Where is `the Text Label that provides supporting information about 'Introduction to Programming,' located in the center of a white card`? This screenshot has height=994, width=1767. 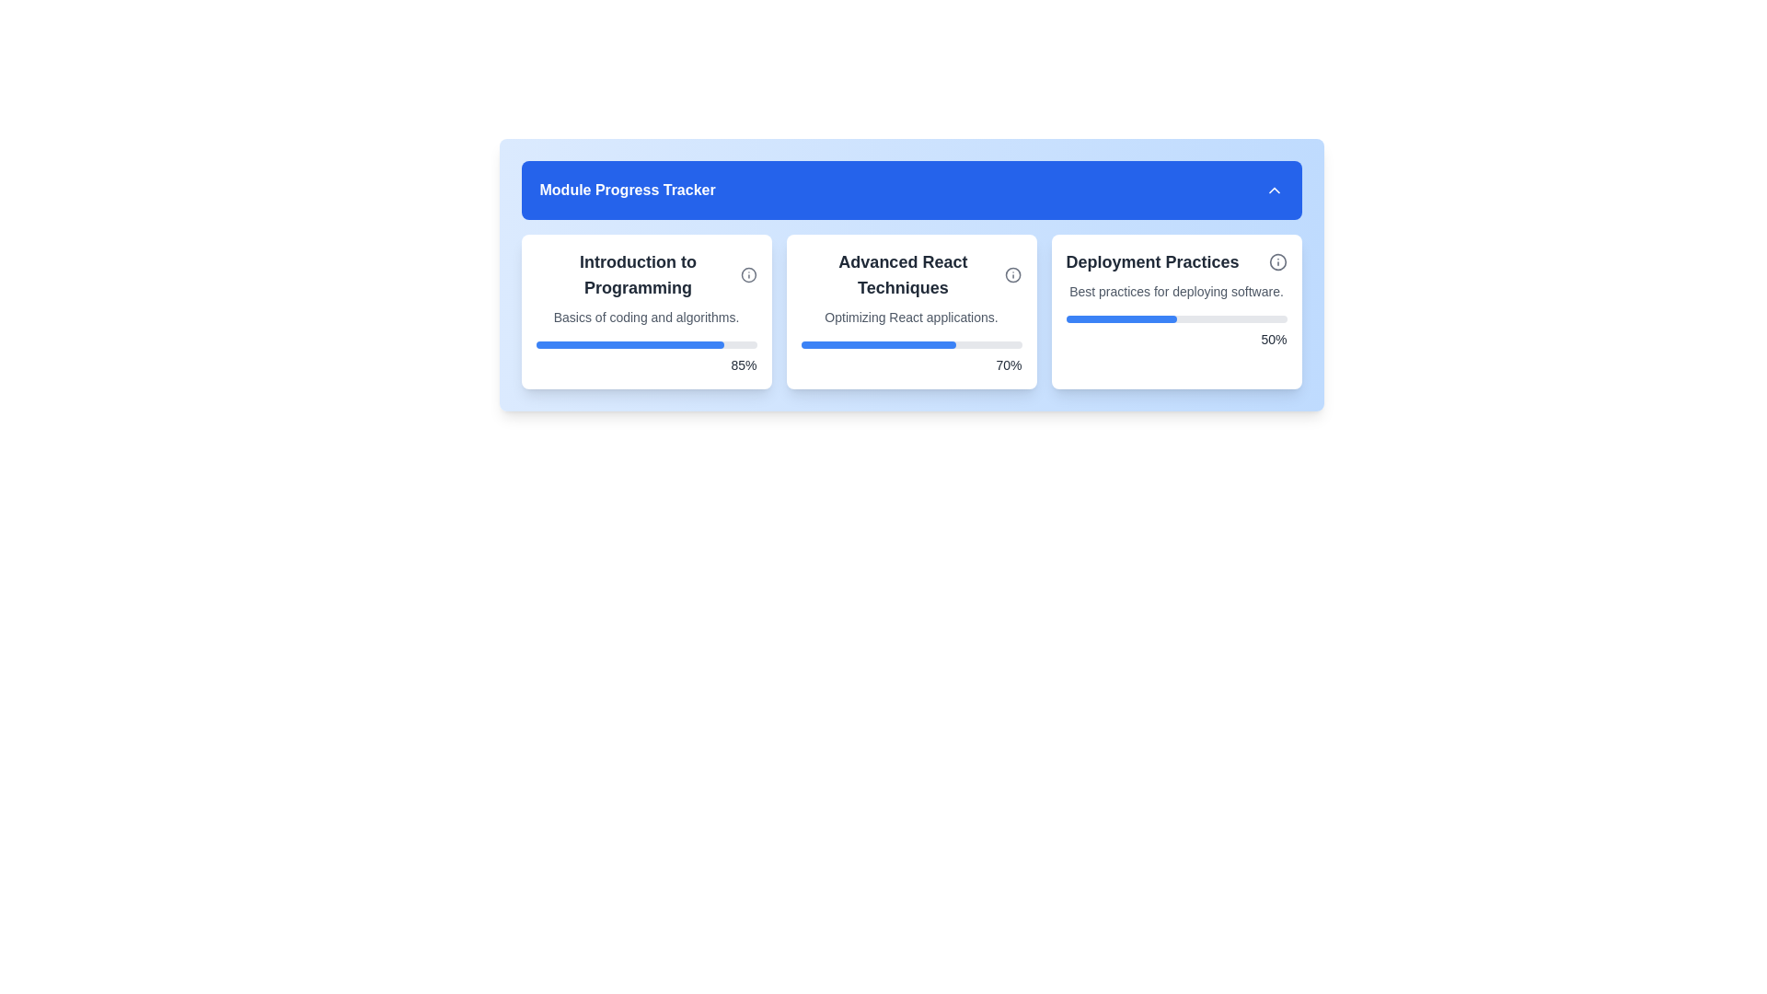 the Text Label that provides supporting information about 'Introduction to Programming,' located in the center of a white card is located at coordinates (646, 316).